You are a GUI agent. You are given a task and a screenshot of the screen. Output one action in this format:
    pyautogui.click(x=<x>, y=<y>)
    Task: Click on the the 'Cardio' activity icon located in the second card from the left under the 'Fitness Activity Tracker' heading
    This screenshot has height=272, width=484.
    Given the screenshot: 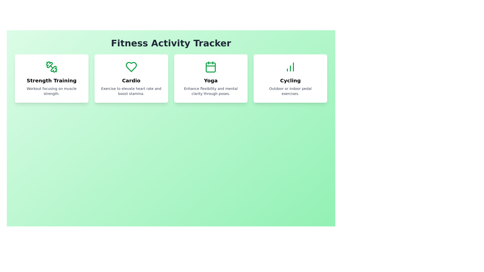 What is the action you would take?
    pyautogui.click(x=131, y=67)
    